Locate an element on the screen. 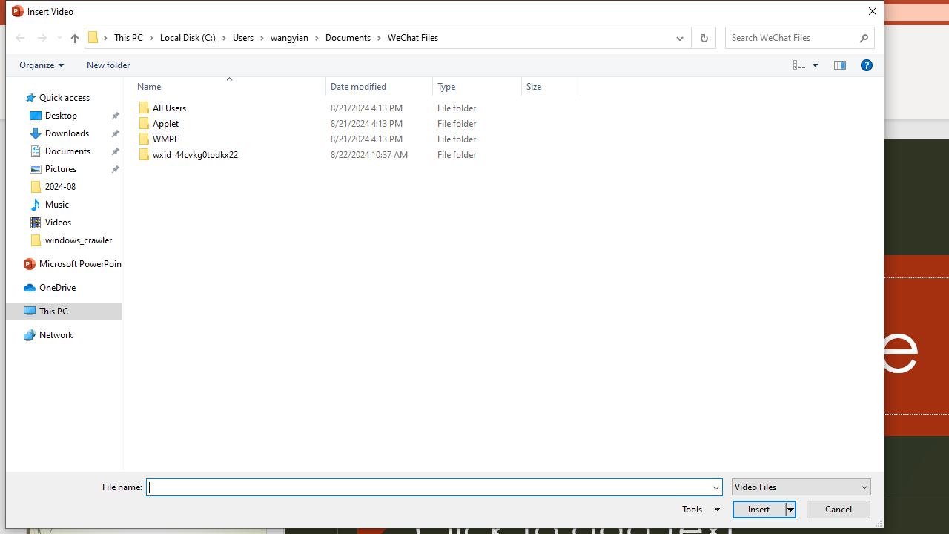 The image size is (949, 534). 'Filter dropdown' is located at coordinates (574, 86).